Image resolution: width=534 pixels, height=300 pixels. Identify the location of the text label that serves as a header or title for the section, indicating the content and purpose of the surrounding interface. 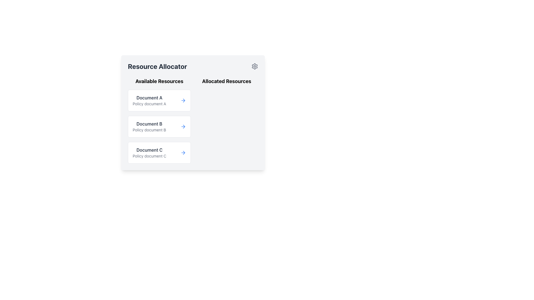
(157, 66).